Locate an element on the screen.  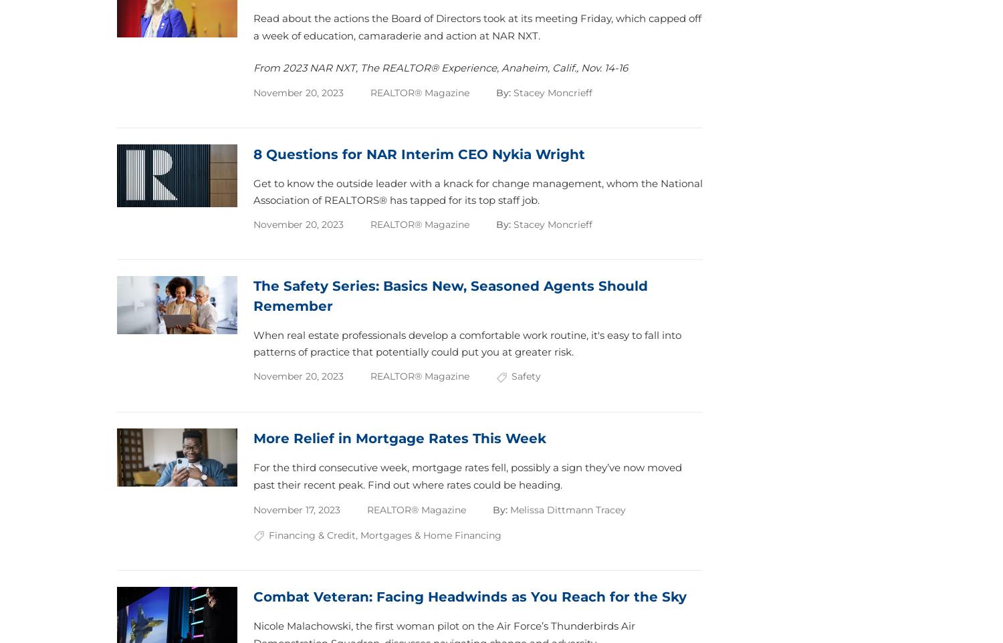
'Get to know the outside leader with a knack for change management, whom the National Association of REALTORS® has tapped for its top staff job.' is located at coordinates (477, 191).